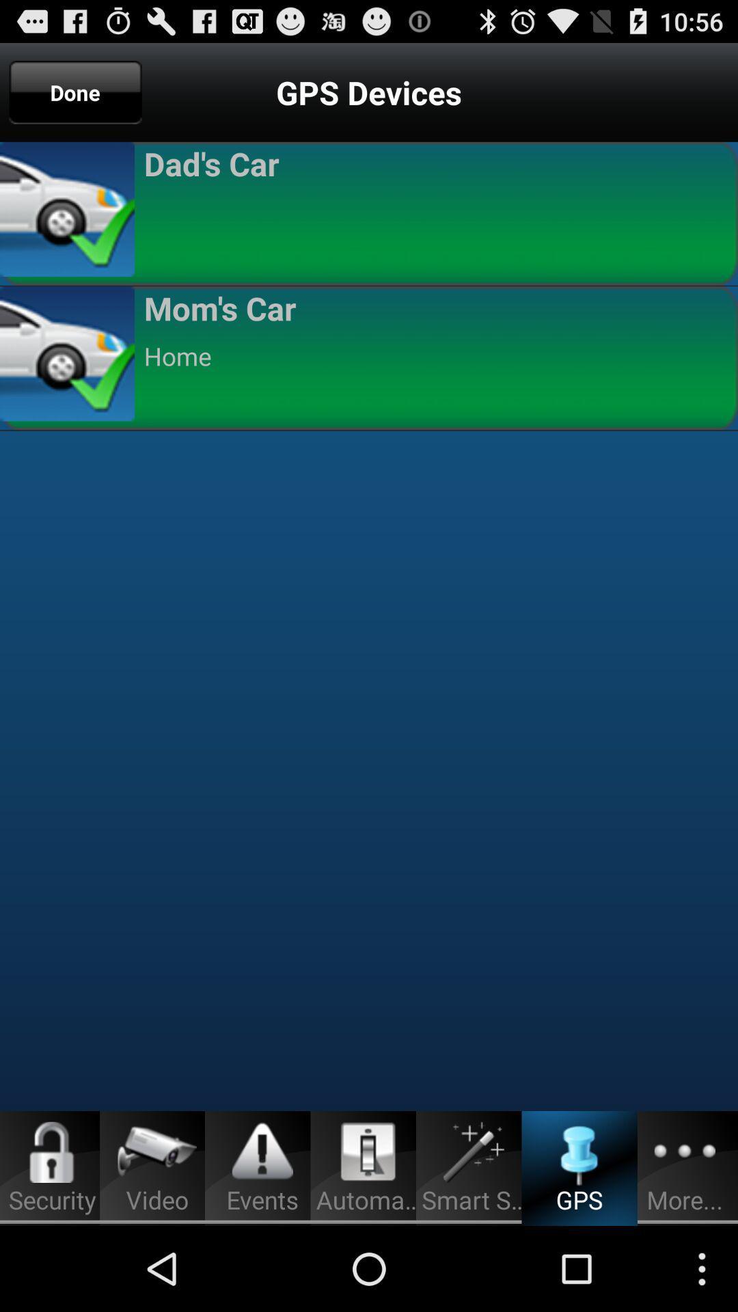  I want to click on the app to the left of the gps devices item, so click(75, 92).